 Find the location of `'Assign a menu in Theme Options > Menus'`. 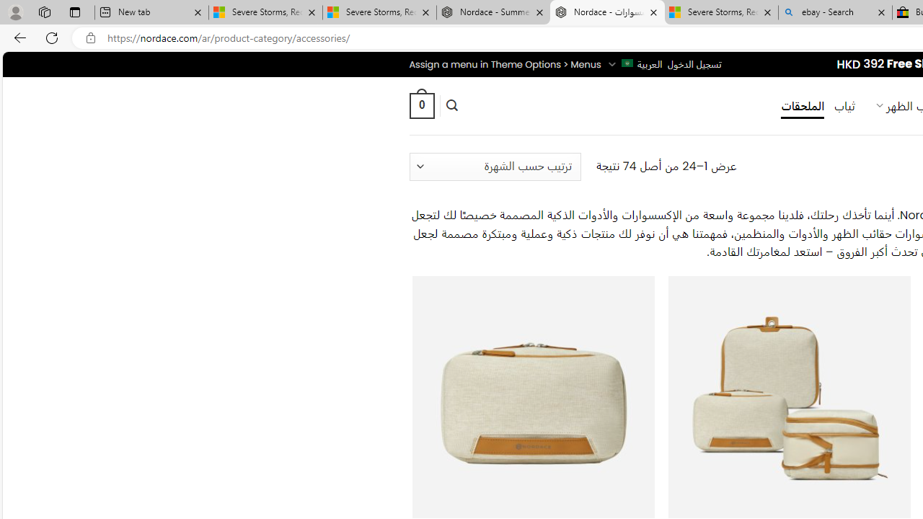

'Assign a menu in Theme Options > Menus' is located at coordinates (505, 63).